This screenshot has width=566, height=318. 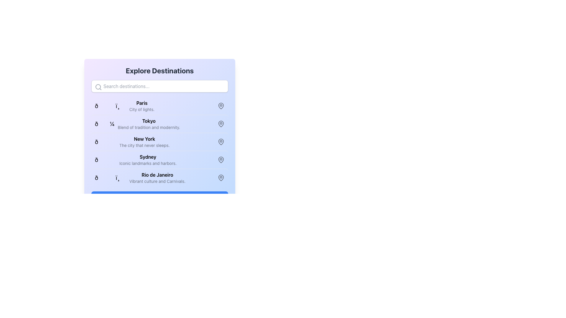 What do you see at coordinates (149, 127) in the screenshot?
I see `the text label that reads 'Blend of tradition and modernity.', which is styled in gray and positioned directly beneath 'Tokyo' in the list under 'Explore Destinations'` at bounding box center [149, 127].